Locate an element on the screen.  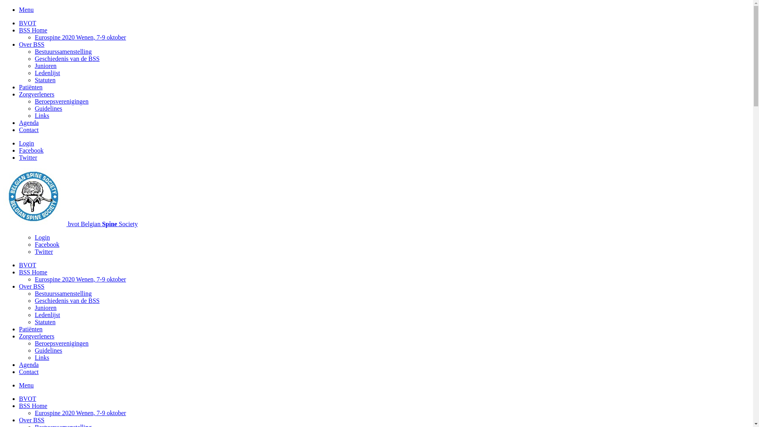
'Home' is located at coordinates (35, 224).